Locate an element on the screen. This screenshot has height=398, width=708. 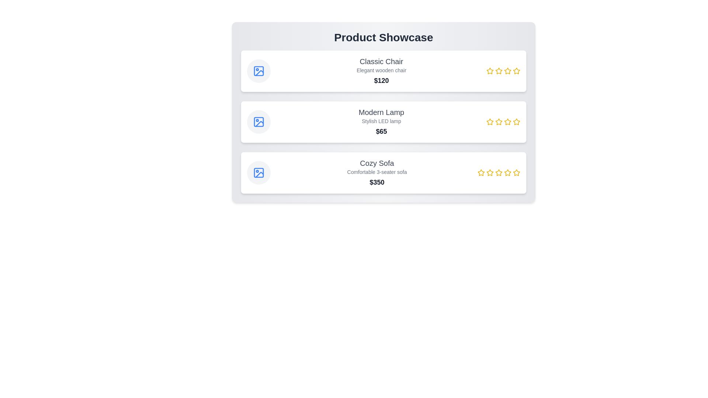
the product description to view more details is located at coordinates (381, 70).